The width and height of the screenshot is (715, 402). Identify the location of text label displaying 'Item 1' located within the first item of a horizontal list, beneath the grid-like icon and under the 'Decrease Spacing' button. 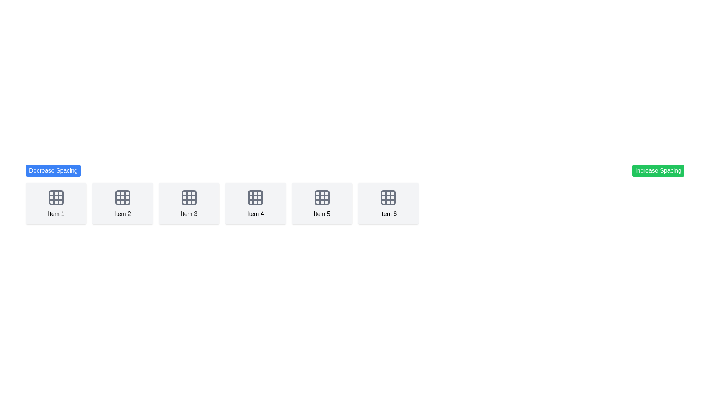
(56, 214).